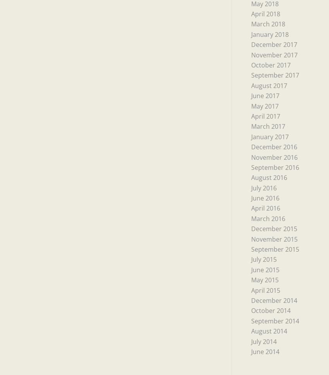  Describe the element at coordinates (251, 177) in the screenshot. I see `'August 2016'` at that location.